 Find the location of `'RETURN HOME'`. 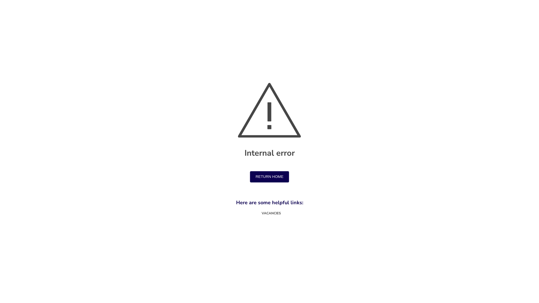

'RETURN HOME' is located at coordinates (269, 177).